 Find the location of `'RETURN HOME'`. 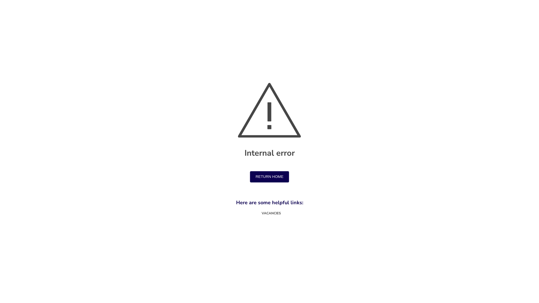

'RETURN HOME' is located at coordinates (269, 177).